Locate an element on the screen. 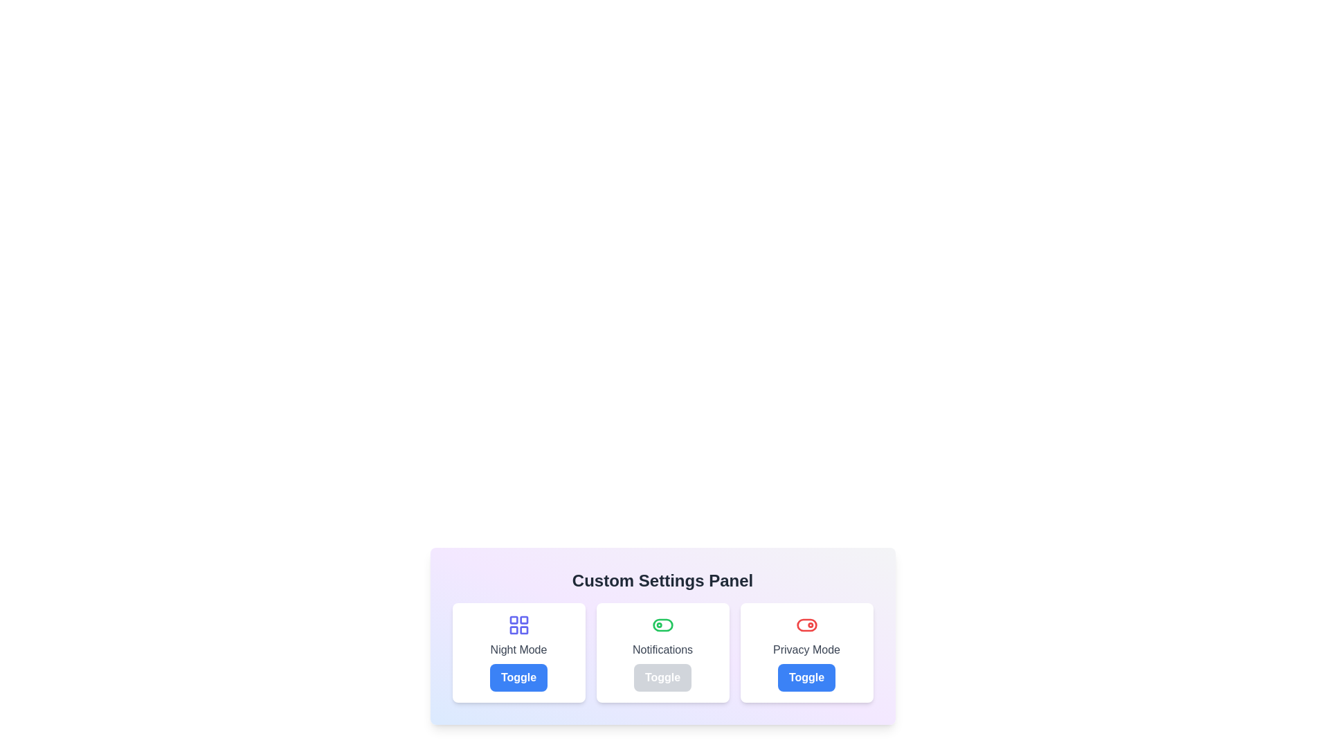 This screenshot has width=1329, height=747. the 'Toggle' button for 'Night Mode' to change its state is located at coordinates (518, 676).